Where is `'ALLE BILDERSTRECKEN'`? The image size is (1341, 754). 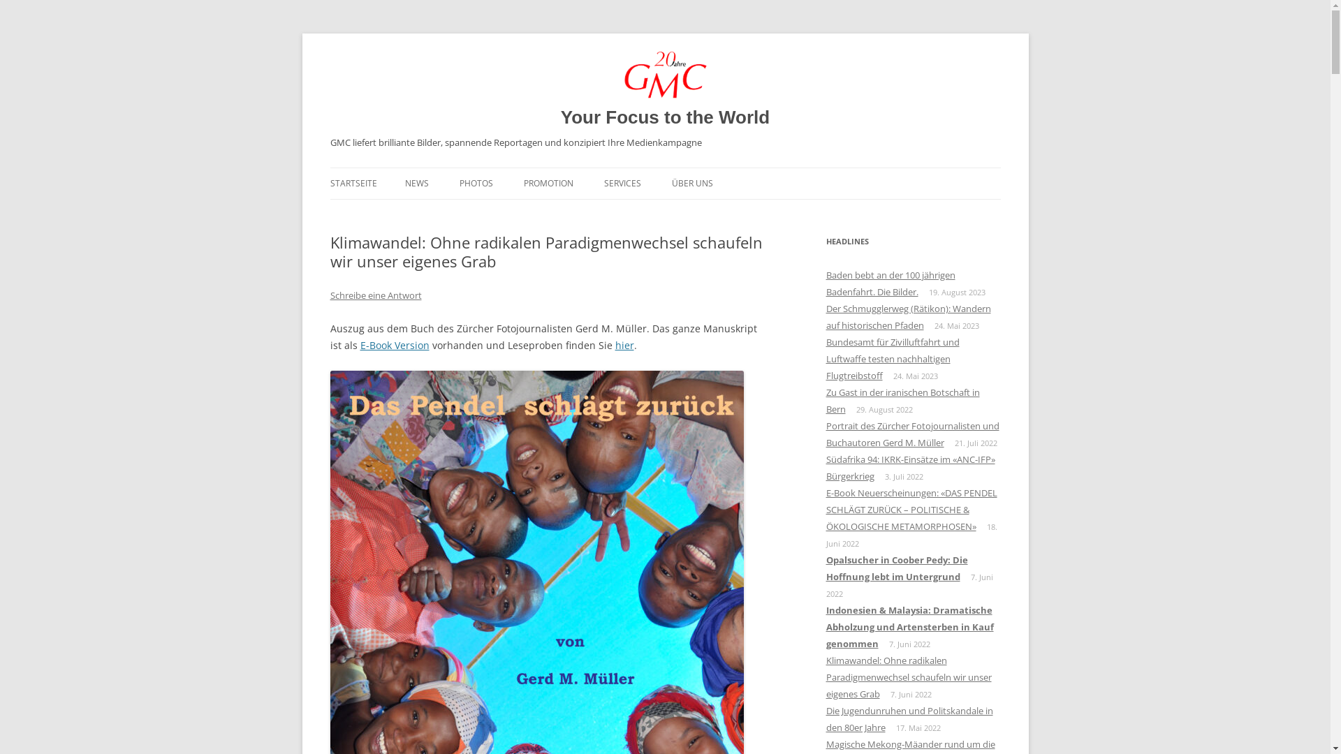
'ALLE BILDERSTRECKEN' is located at coordinates (529, 213).